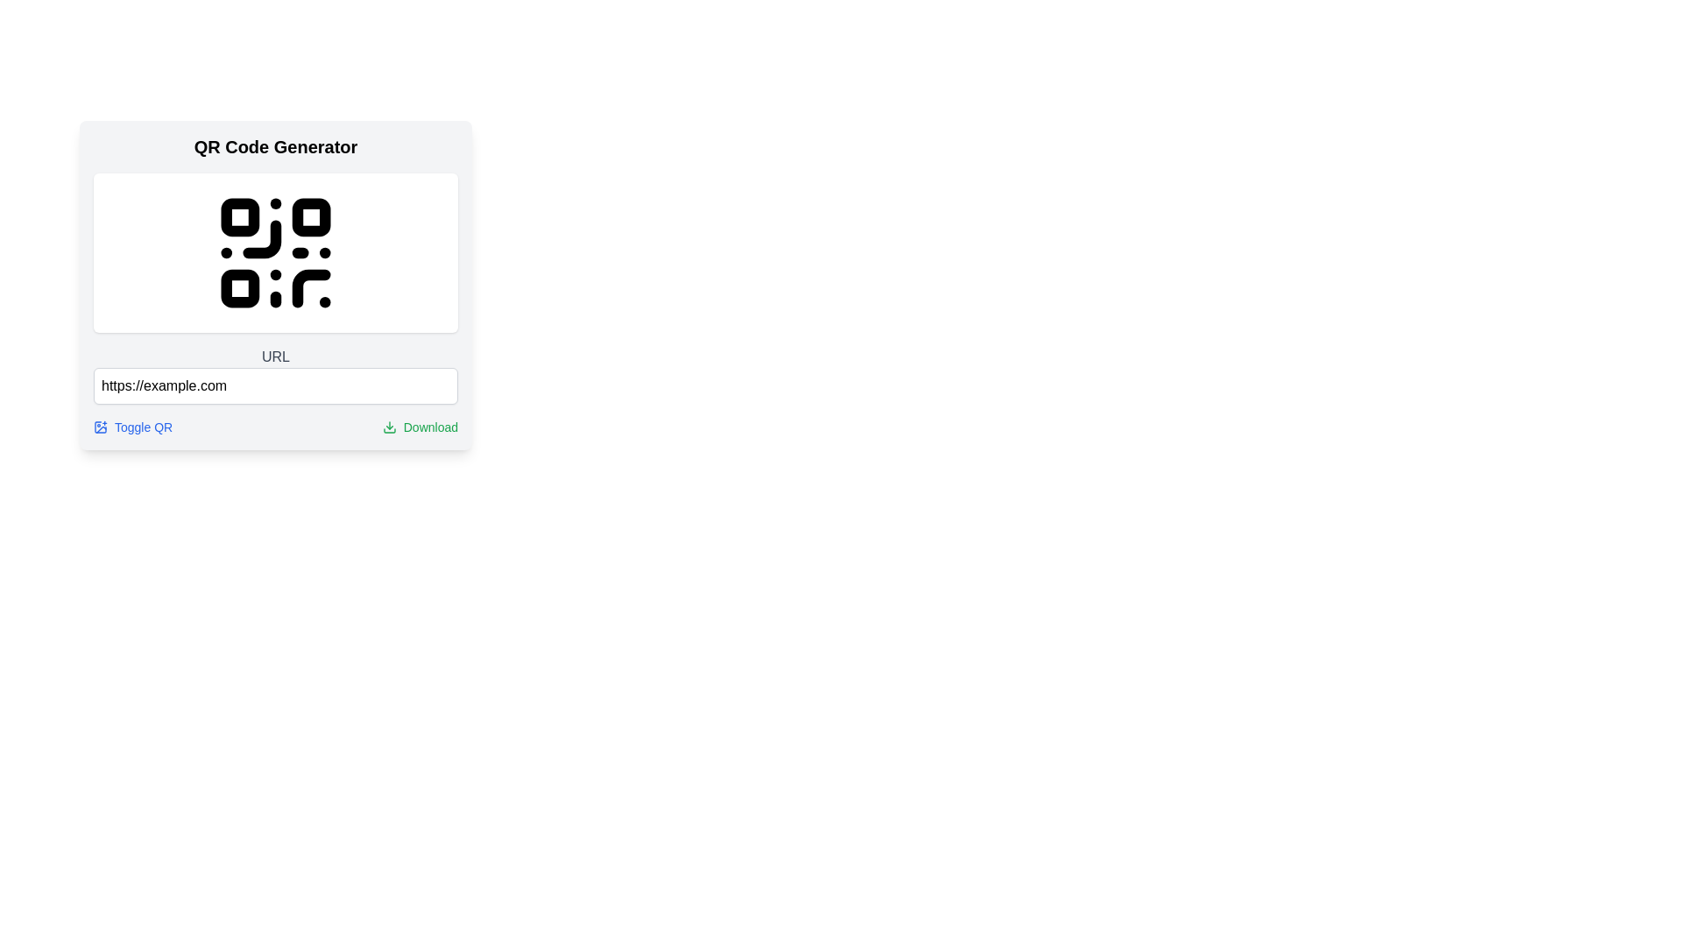 The image size is (1682, 946). What do you see at coordinates (430, 427) in the screenshot?
I see `the green-colored text label reading 'Download'` at bounding box center [430, 427].